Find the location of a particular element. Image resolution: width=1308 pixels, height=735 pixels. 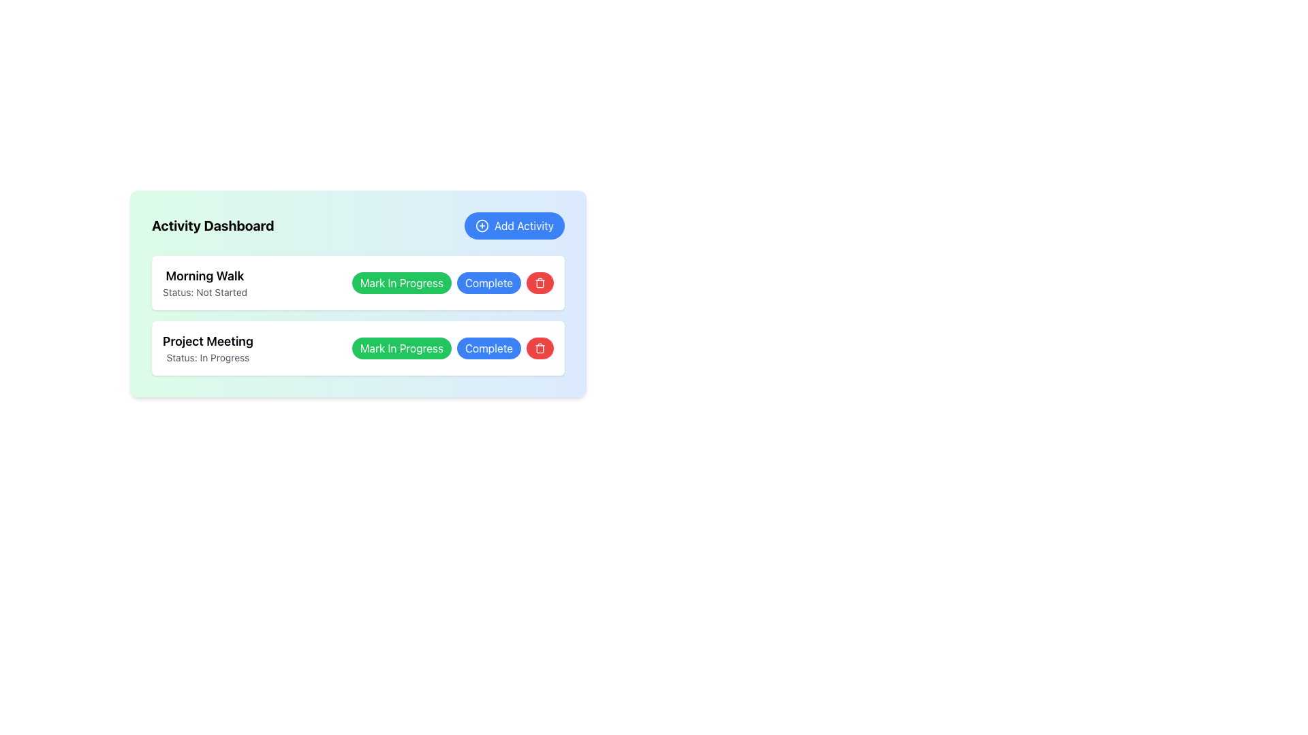

the trash can icon within the red circular button located at the far-right end of the button group is located at coordinates (539, 348).